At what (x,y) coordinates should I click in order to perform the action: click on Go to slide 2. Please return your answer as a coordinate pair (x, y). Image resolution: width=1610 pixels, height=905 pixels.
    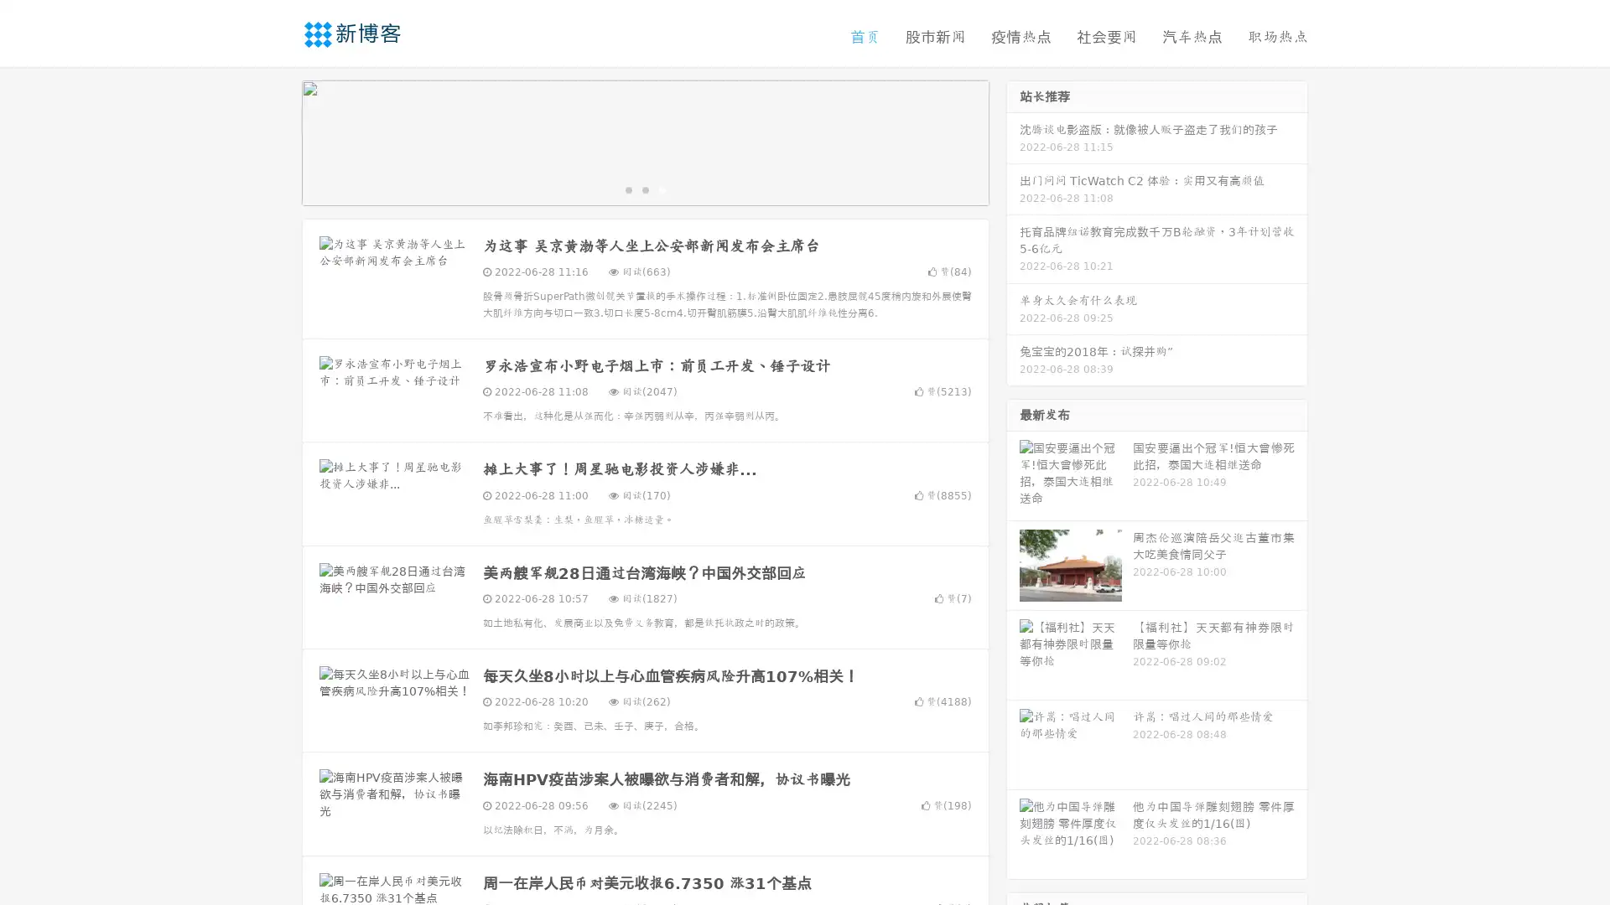
    Looking at the image, I should click on (644, 189).